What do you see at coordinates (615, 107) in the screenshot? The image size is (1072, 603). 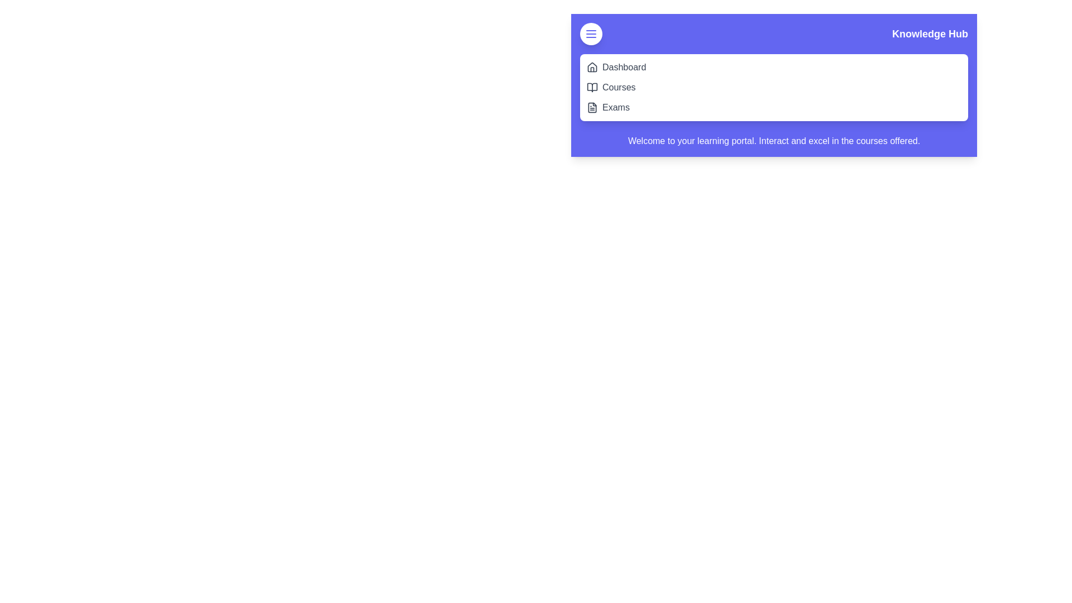 I see `the 'Exams' menu item` at bounding box center [615, 107].